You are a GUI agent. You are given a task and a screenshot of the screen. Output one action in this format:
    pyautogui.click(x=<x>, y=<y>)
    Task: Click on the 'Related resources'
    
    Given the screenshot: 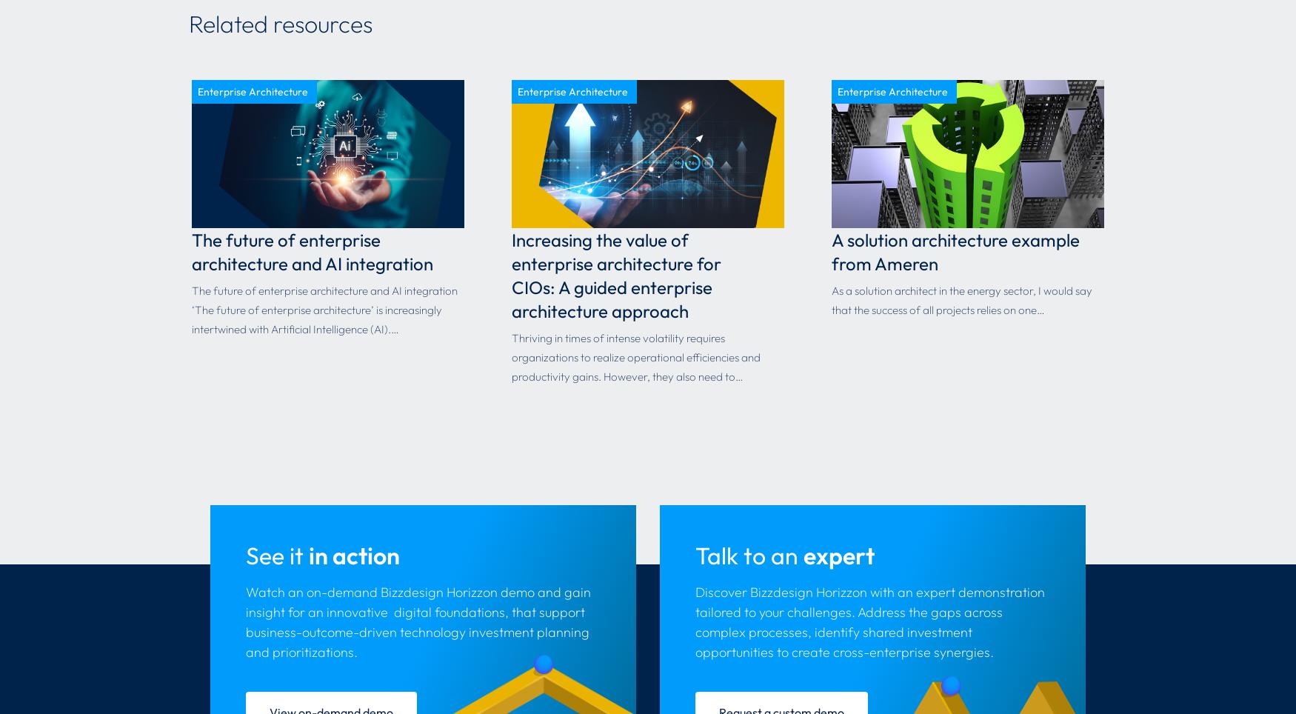 What is the action you would take?
    pyautogui.click(x=279, y=23)
    